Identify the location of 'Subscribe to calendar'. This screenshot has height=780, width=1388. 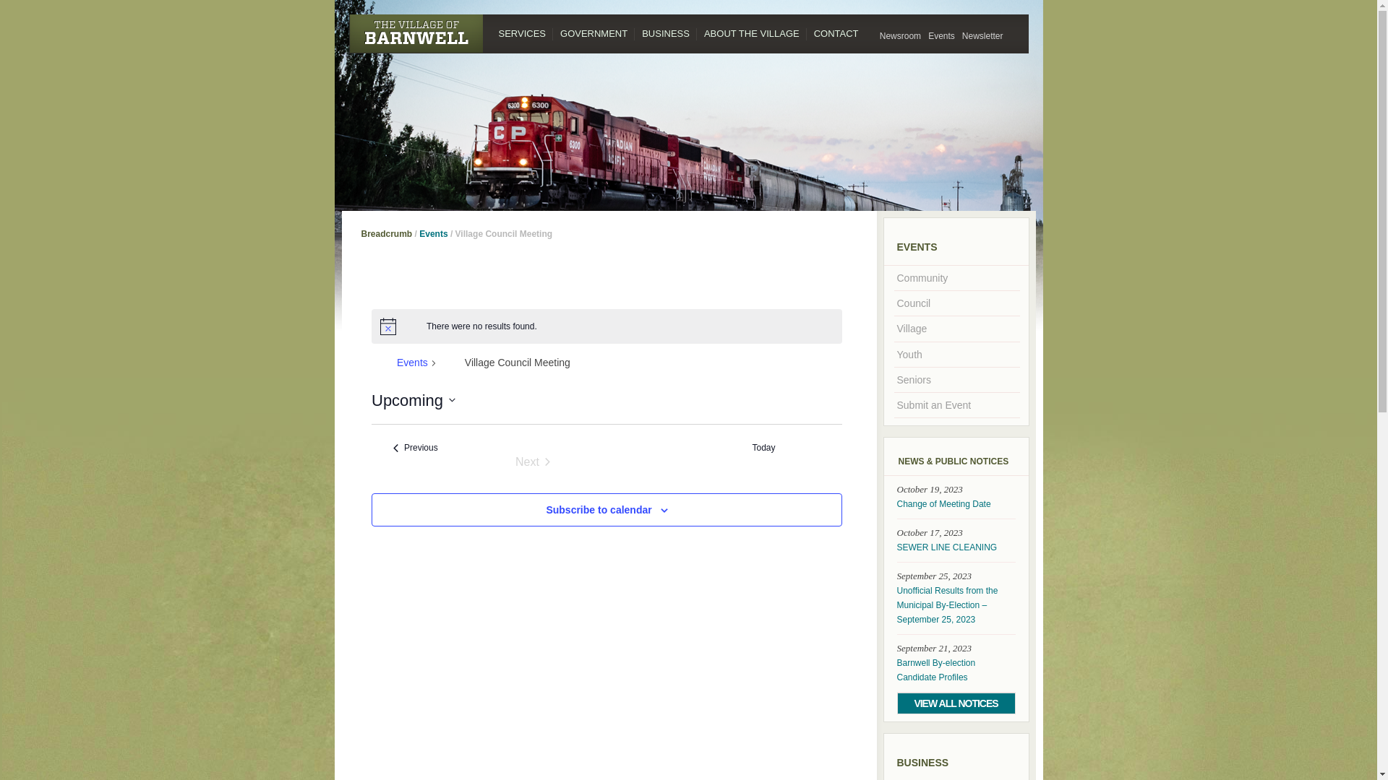
(544, 508).